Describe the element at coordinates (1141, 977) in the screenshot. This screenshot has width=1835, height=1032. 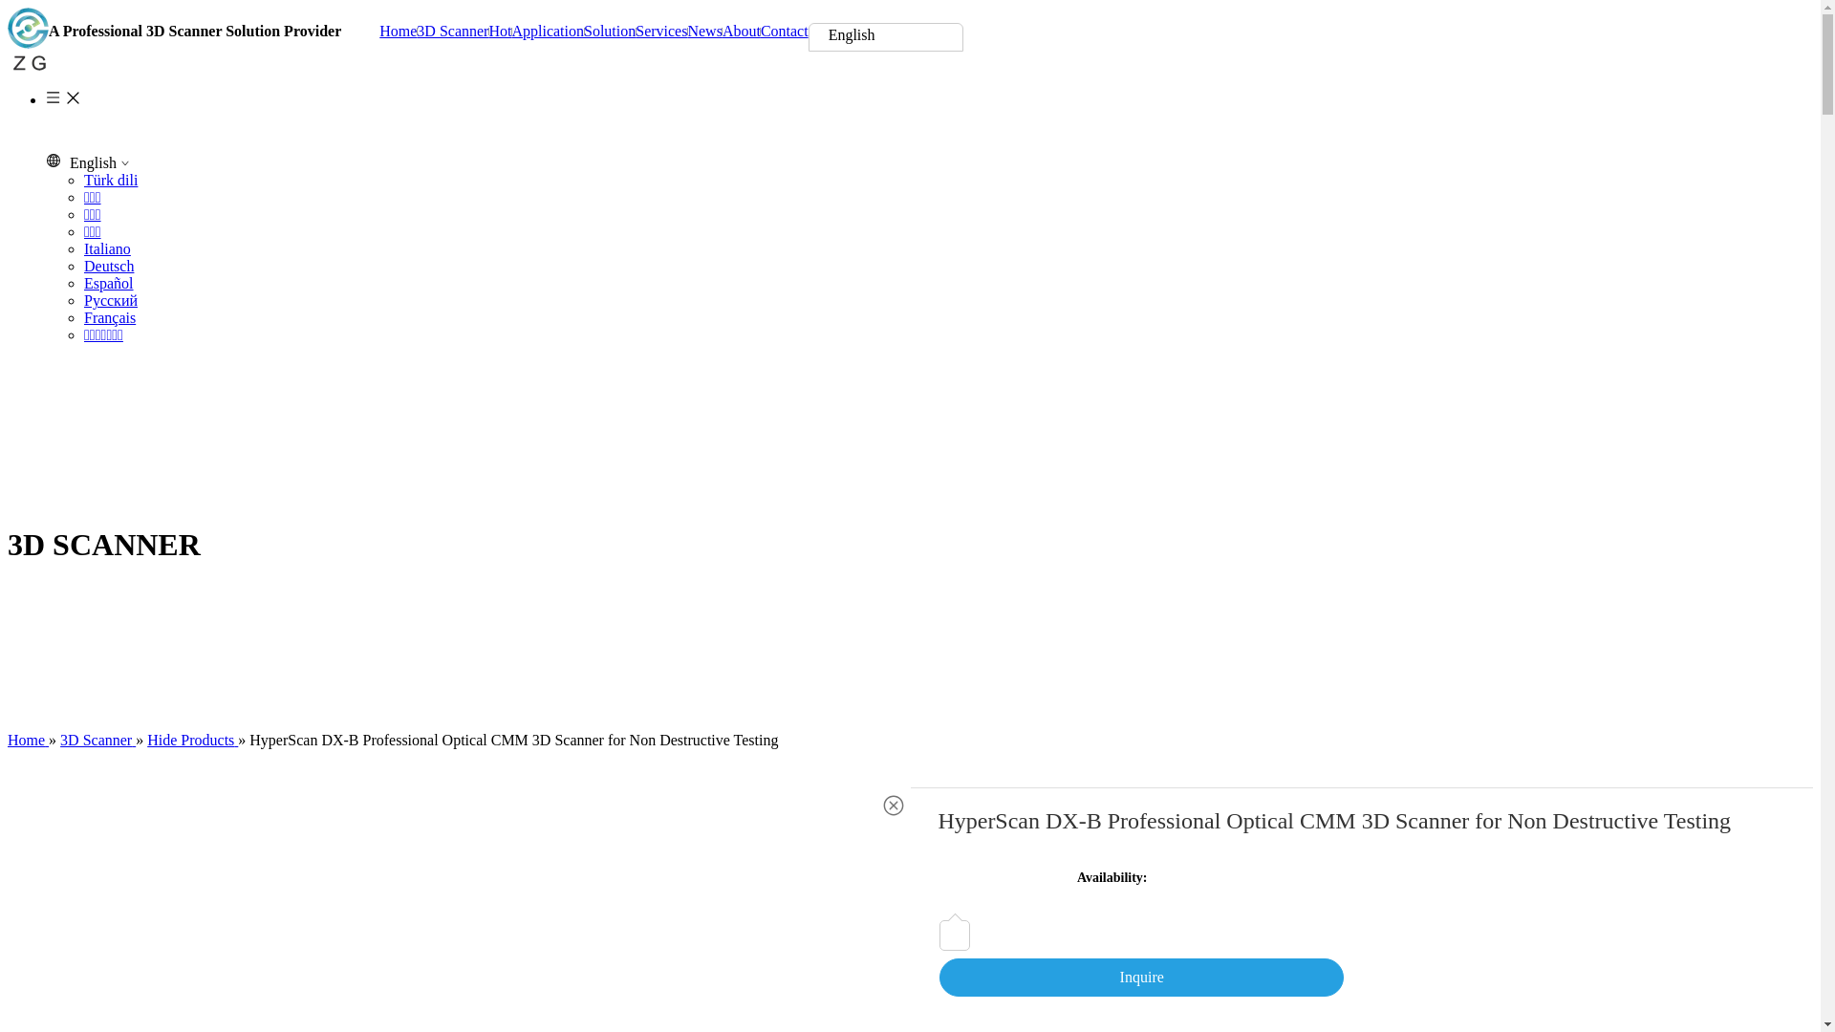
I see `'Inquire'` at that location.